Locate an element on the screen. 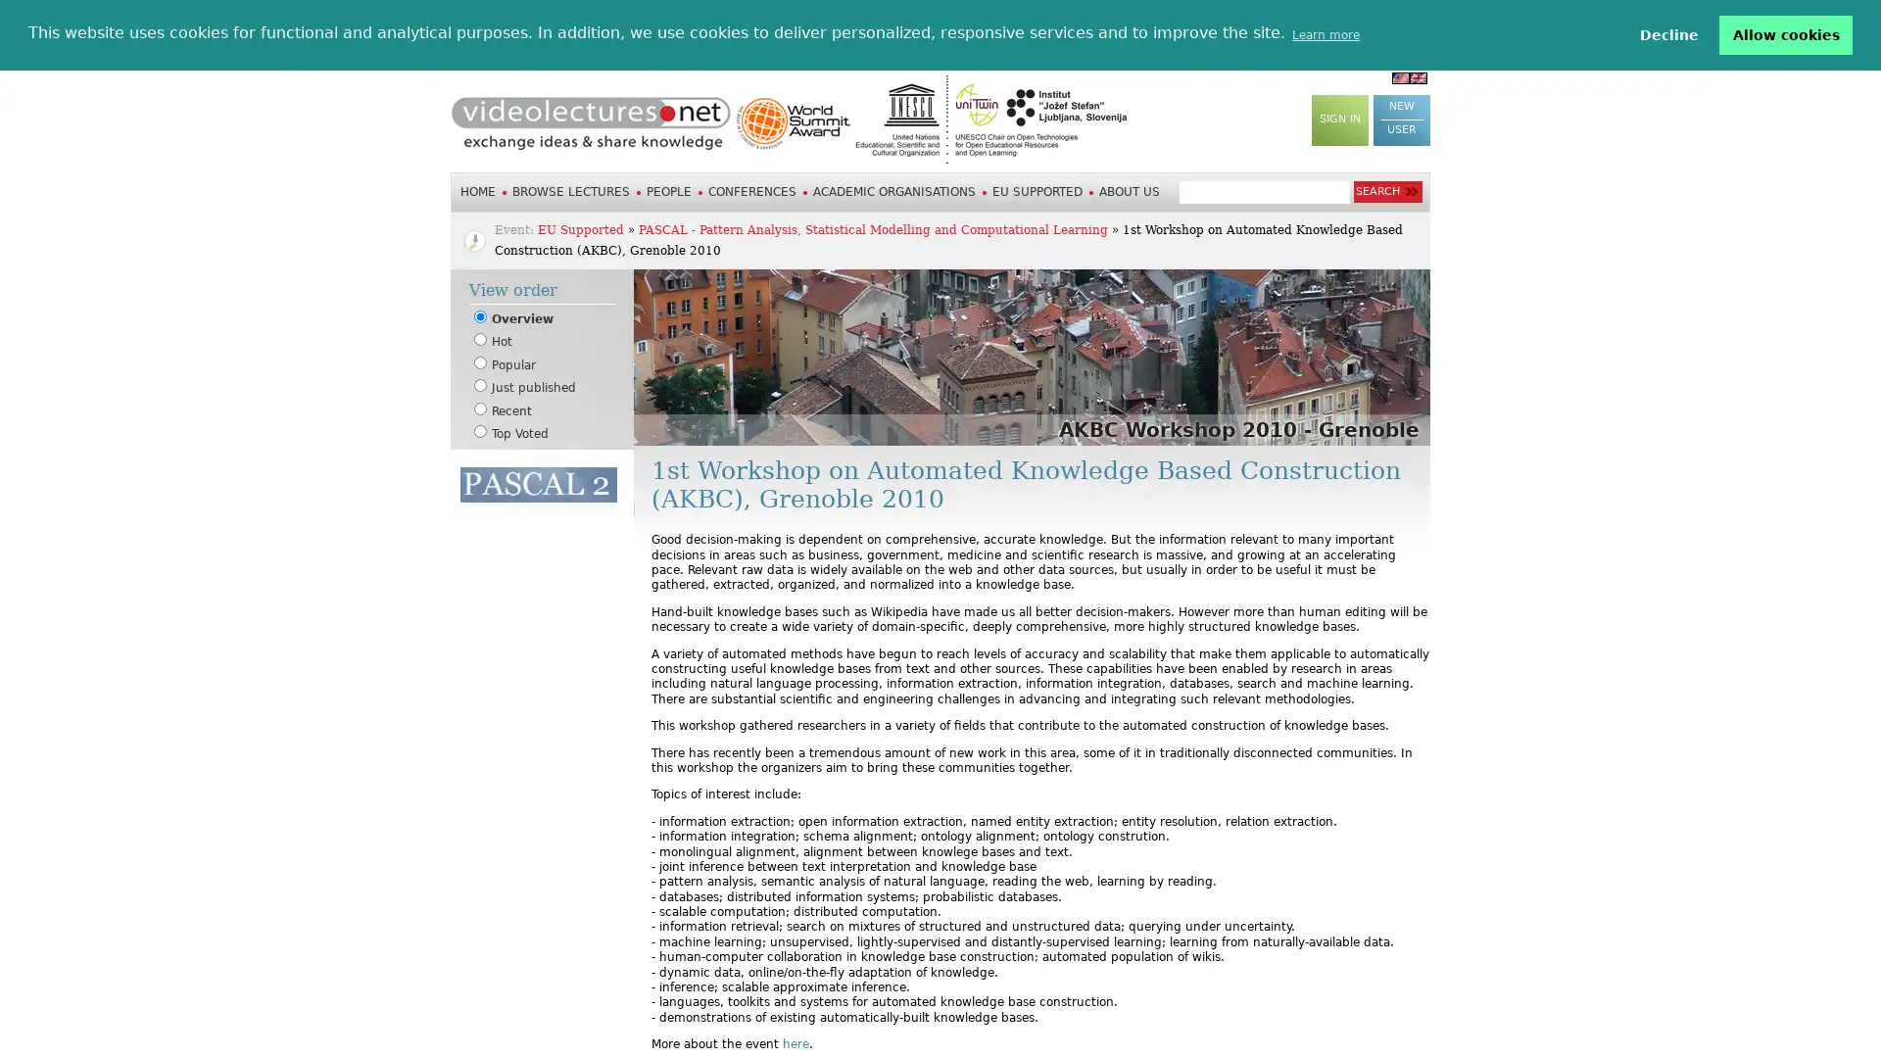  SHOW CHAT is located at coordinates (504, 605).